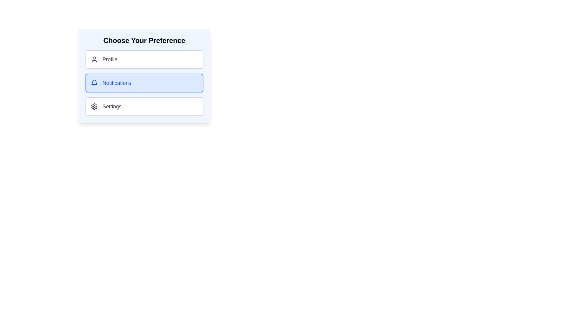 The image size is (566, 318). I want to click on the second option in the vertical menu list under 'Choose Your Preference', so click(144, 76).